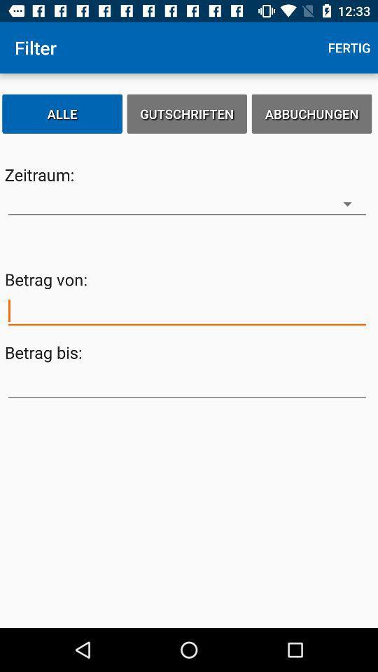 This screenshot has height=672, width=378. I want to click on icon above the zeitraum: icon, so click(62, 113).